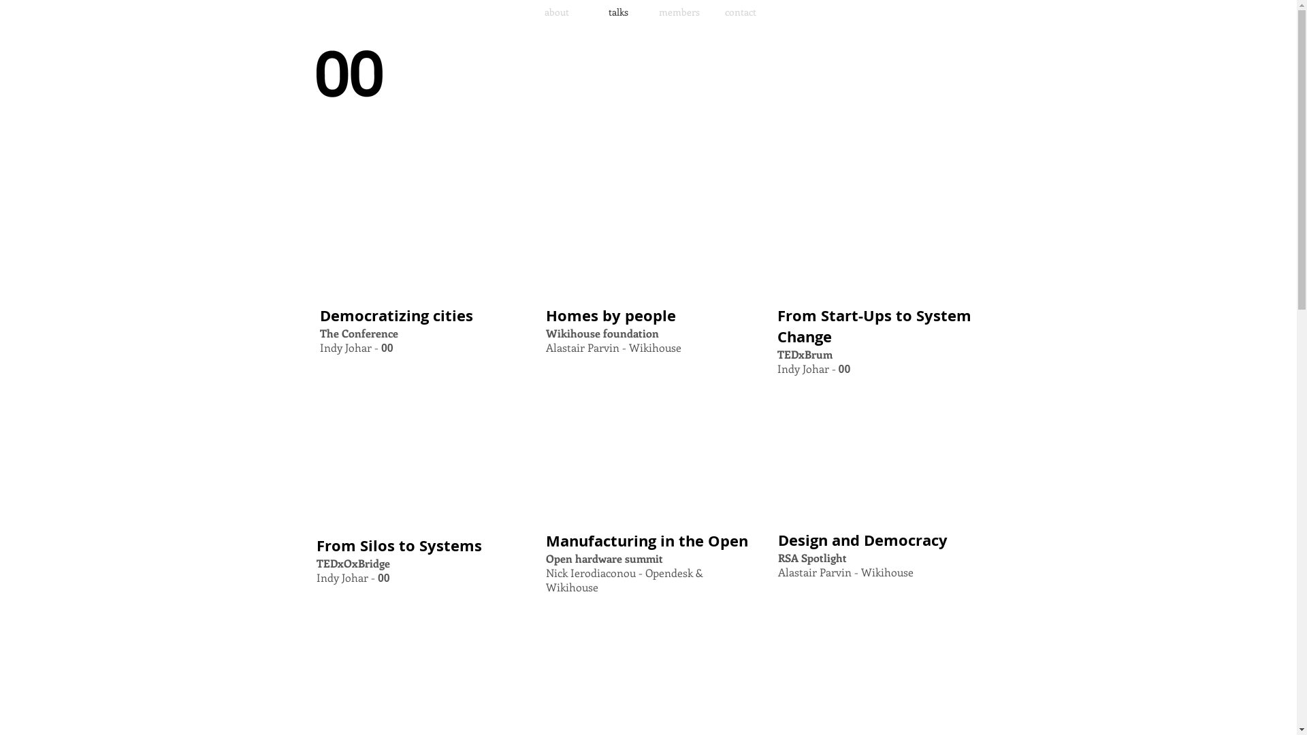 The image size is (1307, 735). Describe the element at coordinates (648, 12) in the screenshot. I see `'members'` at that location.